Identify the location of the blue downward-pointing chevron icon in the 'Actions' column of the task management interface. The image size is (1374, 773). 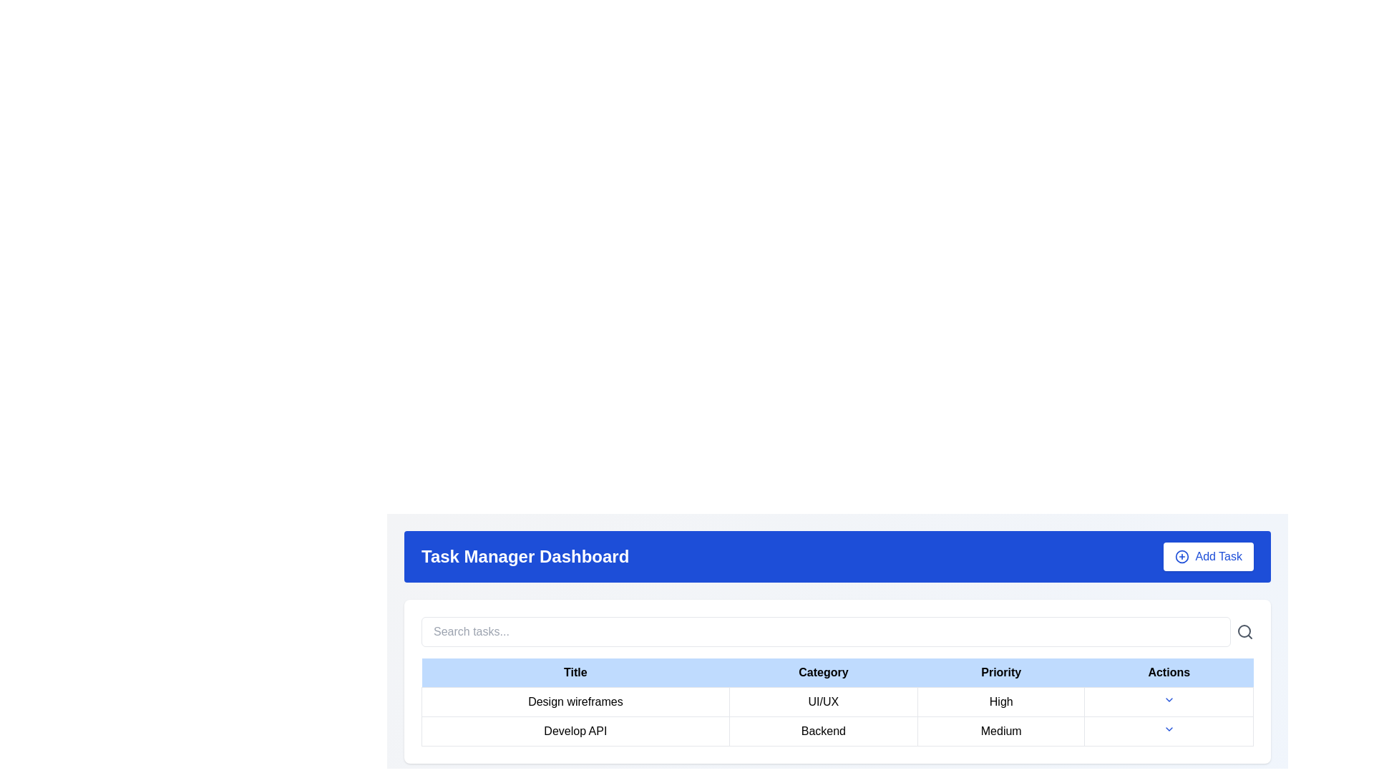
(1169, 729).